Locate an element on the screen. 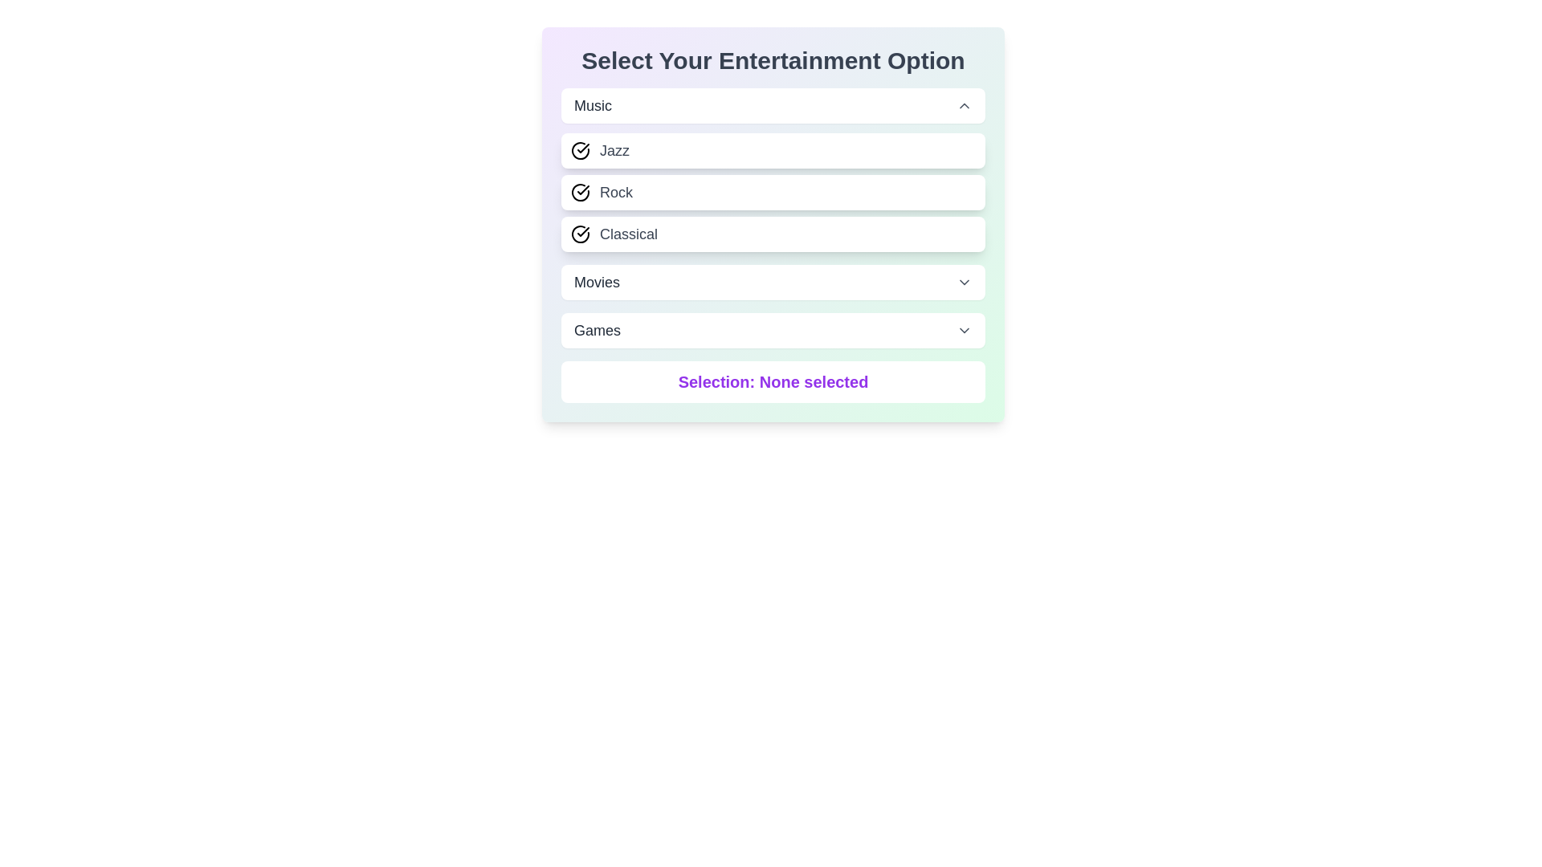  the SVG icon indicating that the 'Jazz' option is selected is located at coordinates (580, 151).